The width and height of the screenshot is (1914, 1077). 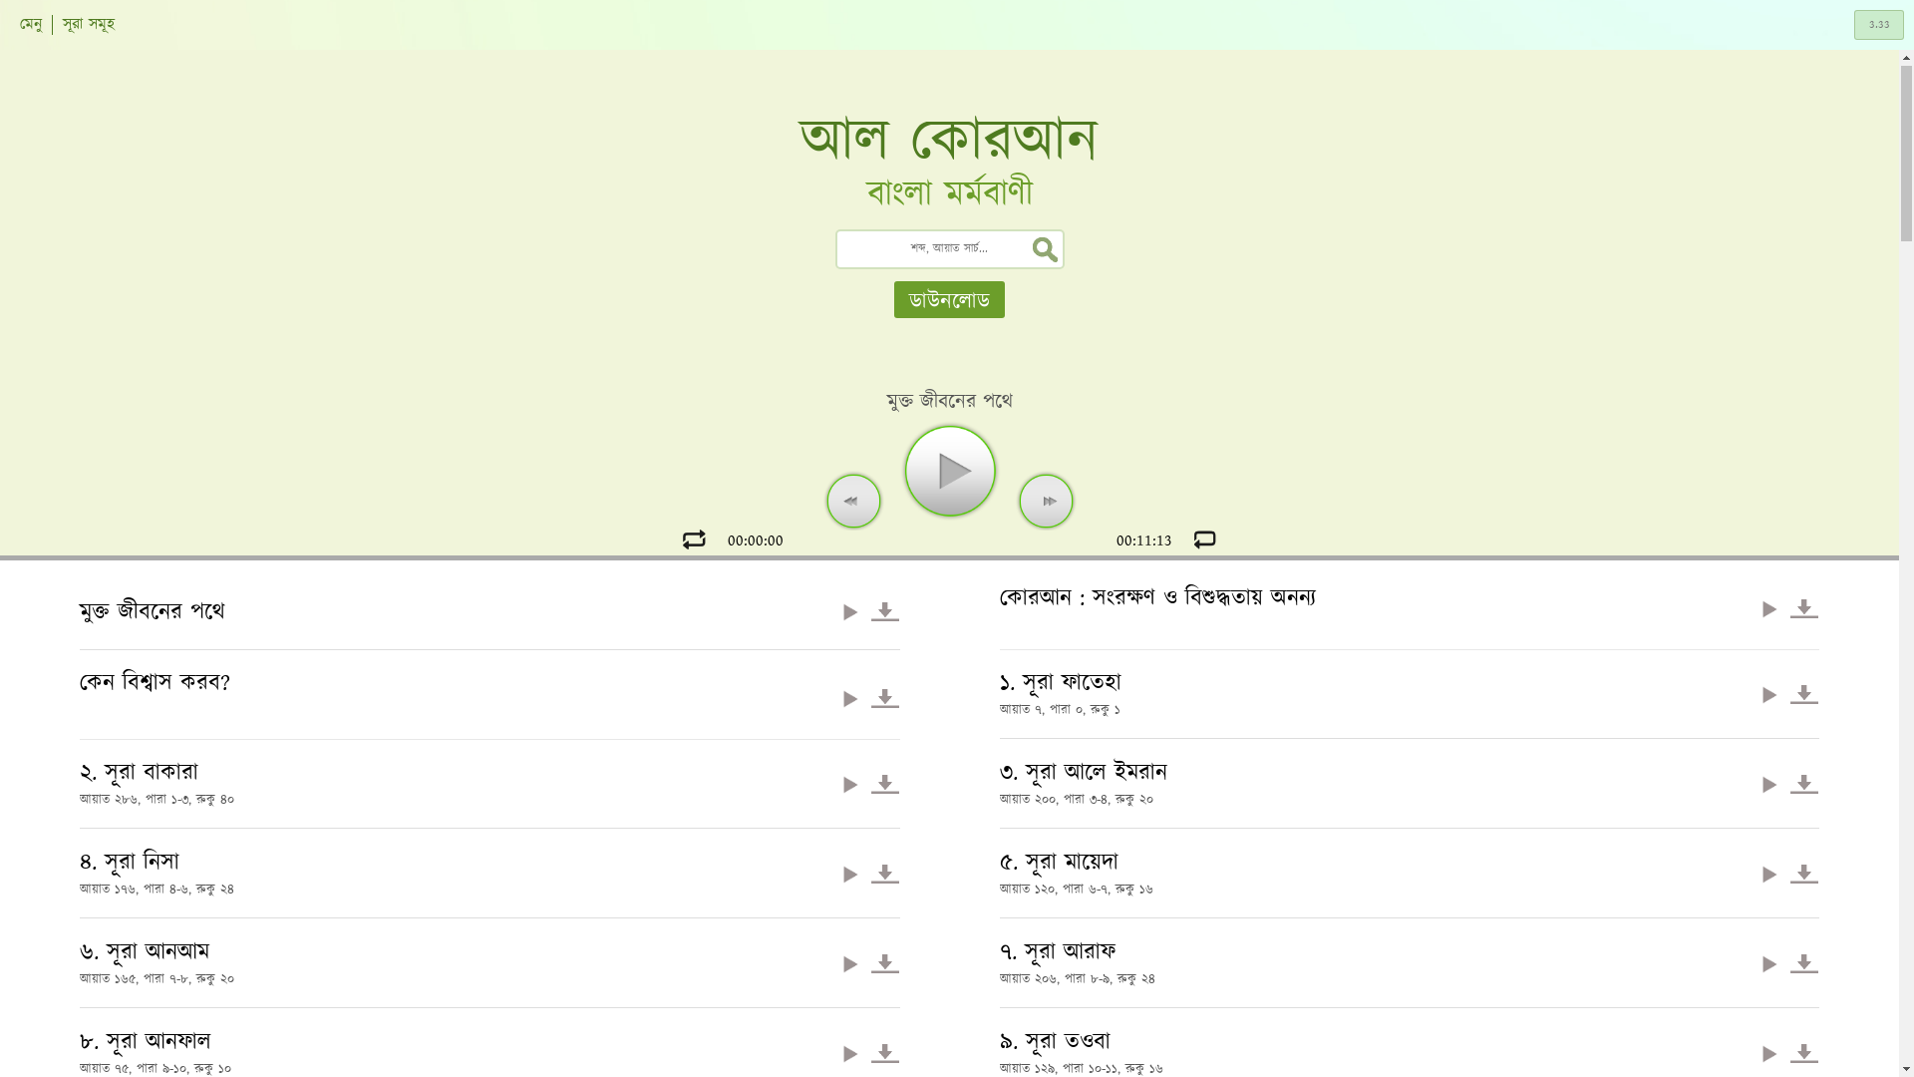 What do you see at coordinates (850, 783) in the screenshot?
I see `'Play'` at bounding box center [850, 783].